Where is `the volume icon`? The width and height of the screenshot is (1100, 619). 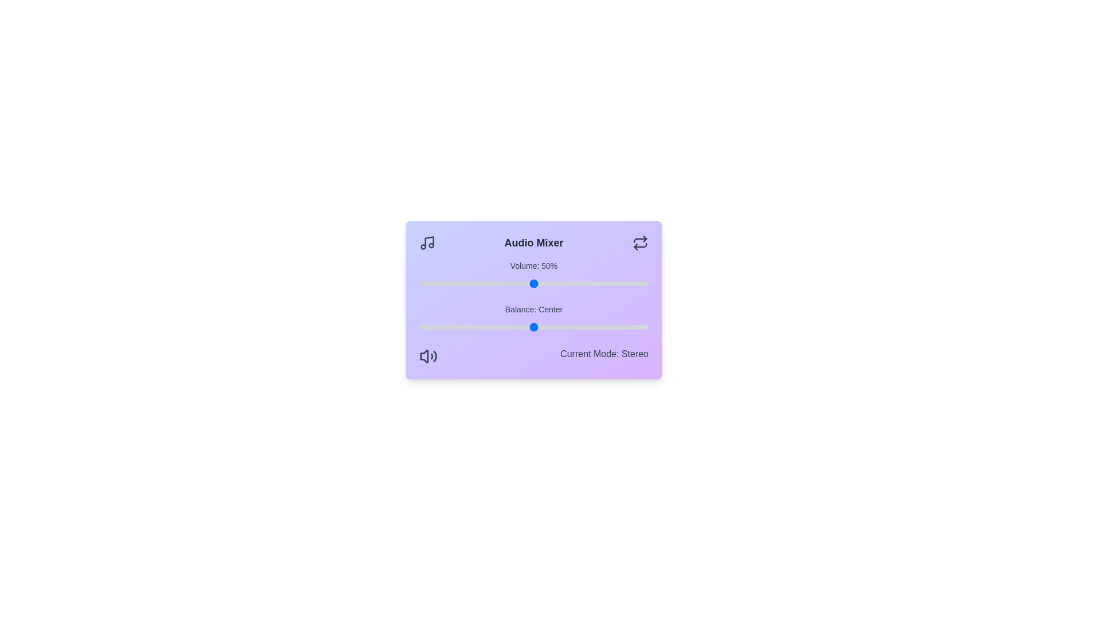
the volume icon is located at coordinates (428, 355).